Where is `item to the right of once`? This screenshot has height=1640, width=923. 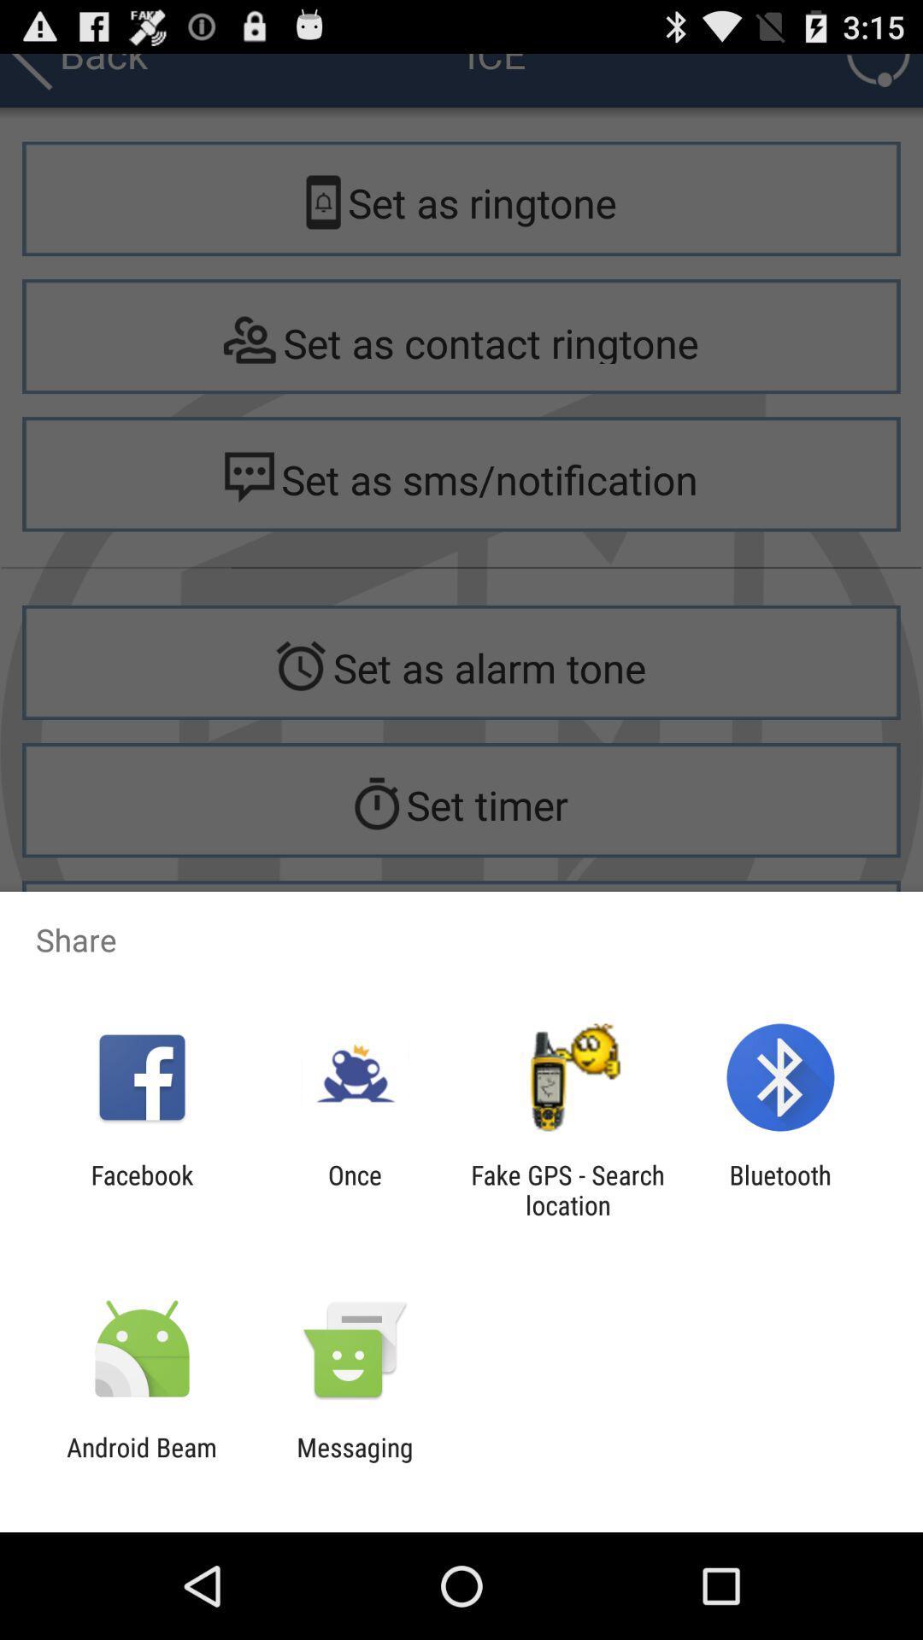 item to the right of once is located at coordinates (567, 1189).